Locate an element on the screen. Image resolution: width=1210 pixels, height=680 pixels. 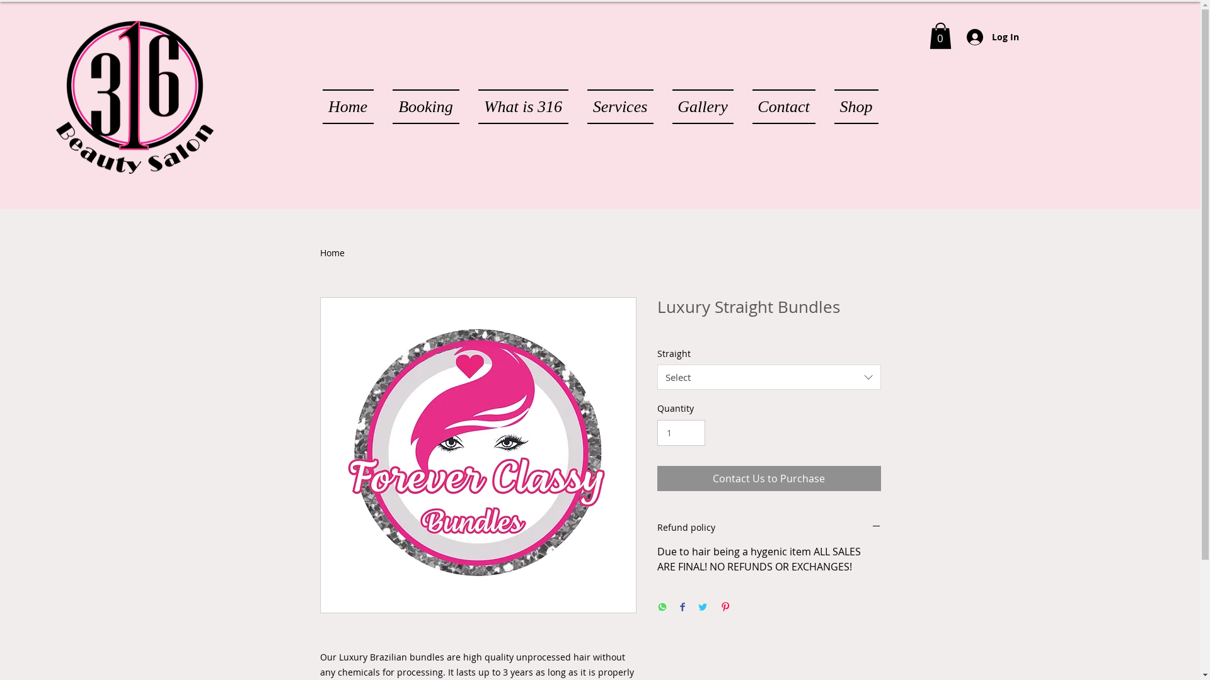
'Shop' is located at coordinates (851, 106).